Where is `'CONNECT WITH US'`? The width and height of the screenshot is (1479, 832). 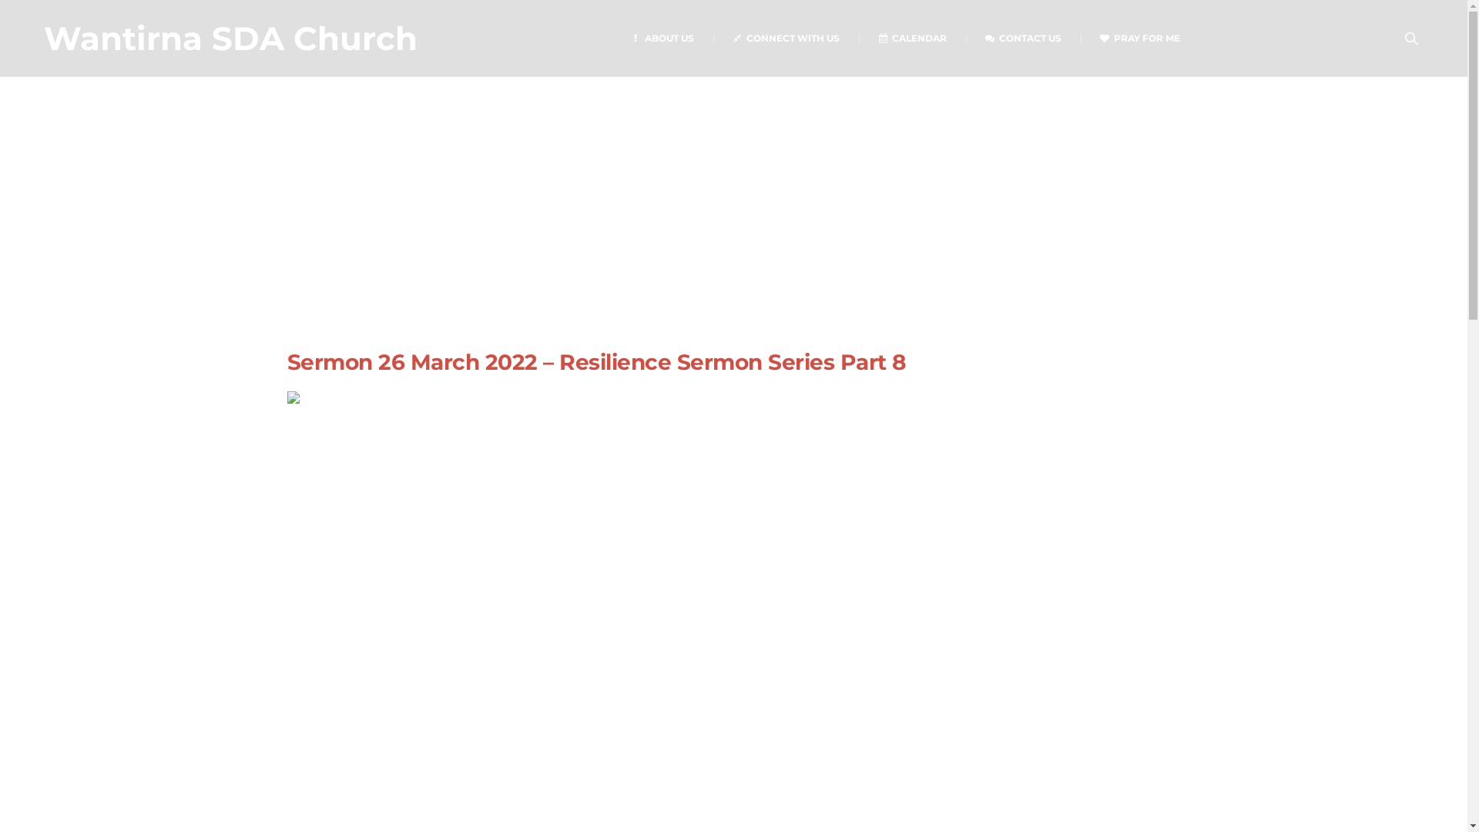 'CONNECT WITH US' is located at coordinates (786, 37).